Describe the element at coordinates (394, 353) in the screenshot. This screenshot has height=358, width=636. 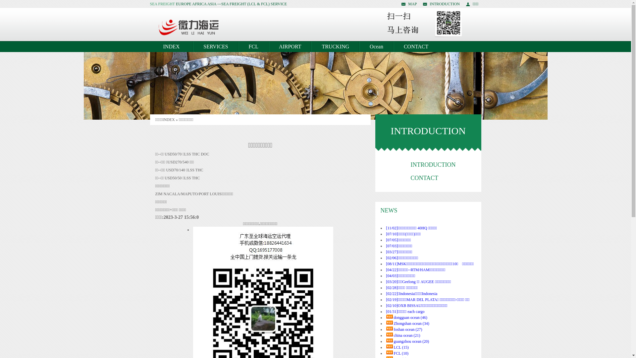
I see `'FCL (10)'` at that location.